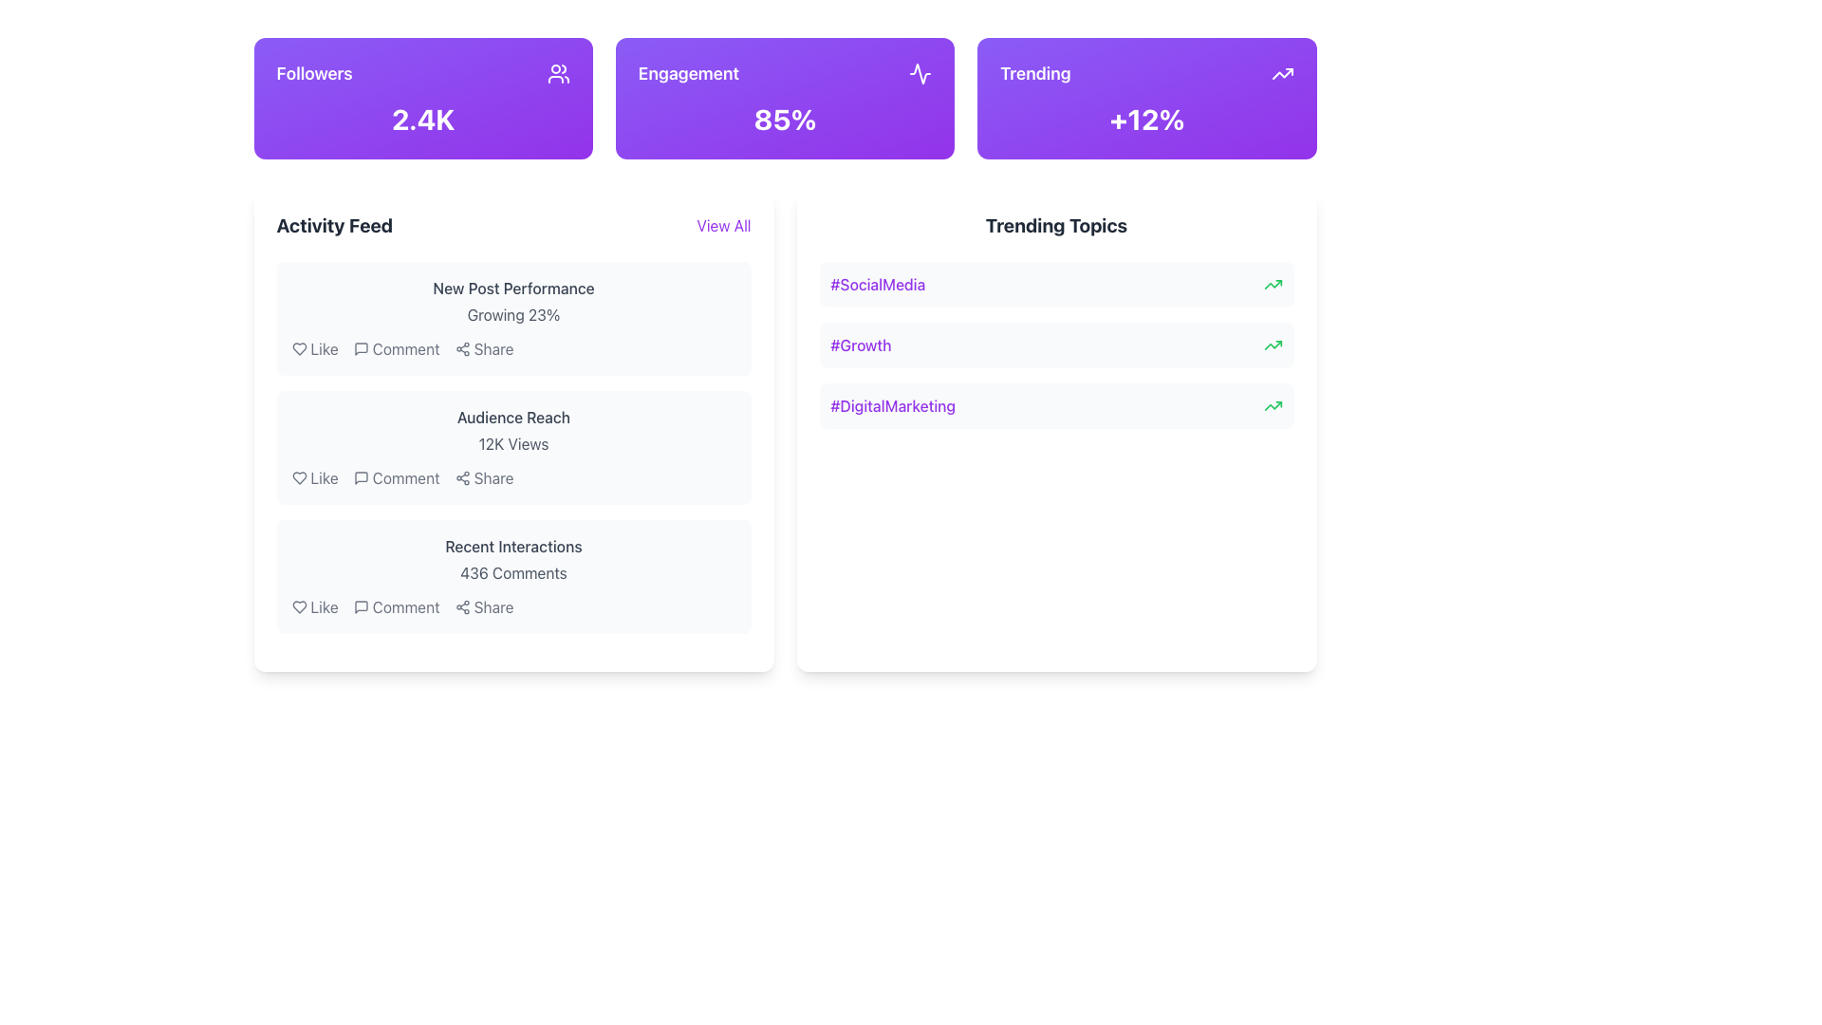 Image resolution: width=1822 pixels, height=1025 pixels. What do you see at coordinates (361, 477) in the screenshot?
I see `the comment icon located next to the 'Comment' label for the 'Audience Reach' post in the second row of the 'Activity Feed' section` at bounding box center [361, 477].